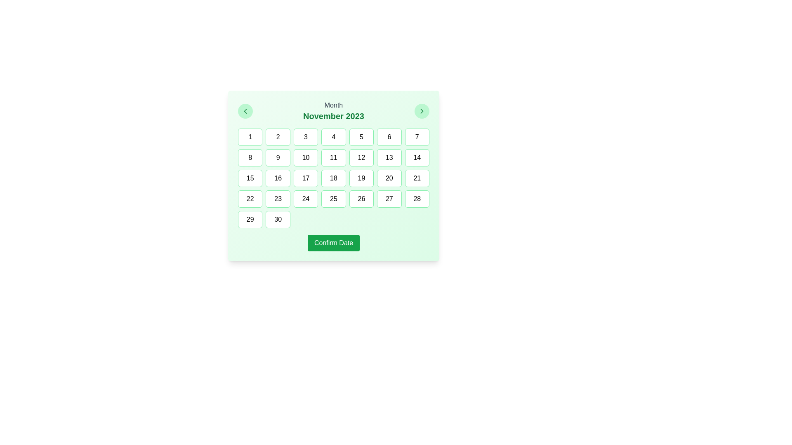 The width and height of the screenshot is (792, 445). Describe the element at coordinates (361, 178) in the screenshot. I see `the white rectangular button with rounded corners and a green border displaying the number '19'` at that location.